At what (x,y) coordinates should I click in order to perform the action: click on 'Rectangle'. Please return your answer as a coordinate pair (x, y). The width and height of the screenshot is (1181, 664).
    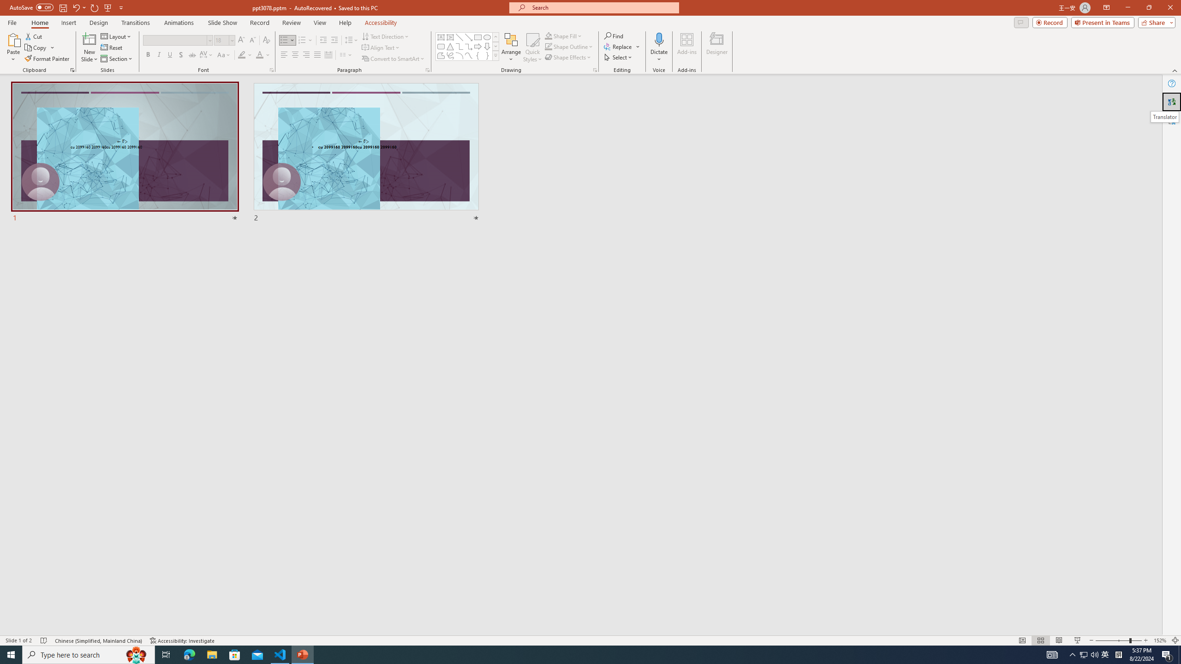
    Looking at the image, I should click on (477, 37).